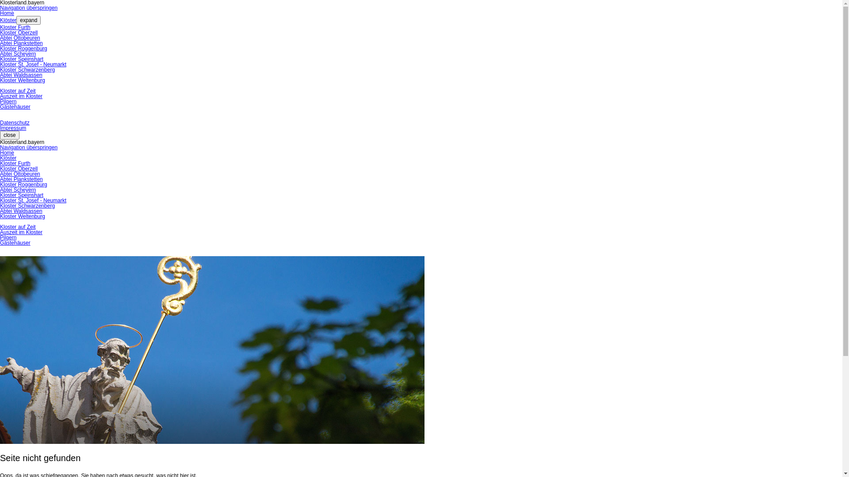  What do you see at coordinates (23, 49) in the screenshot?
I see `'Kloster Roggenburg'` at bounding box center [23, 49].